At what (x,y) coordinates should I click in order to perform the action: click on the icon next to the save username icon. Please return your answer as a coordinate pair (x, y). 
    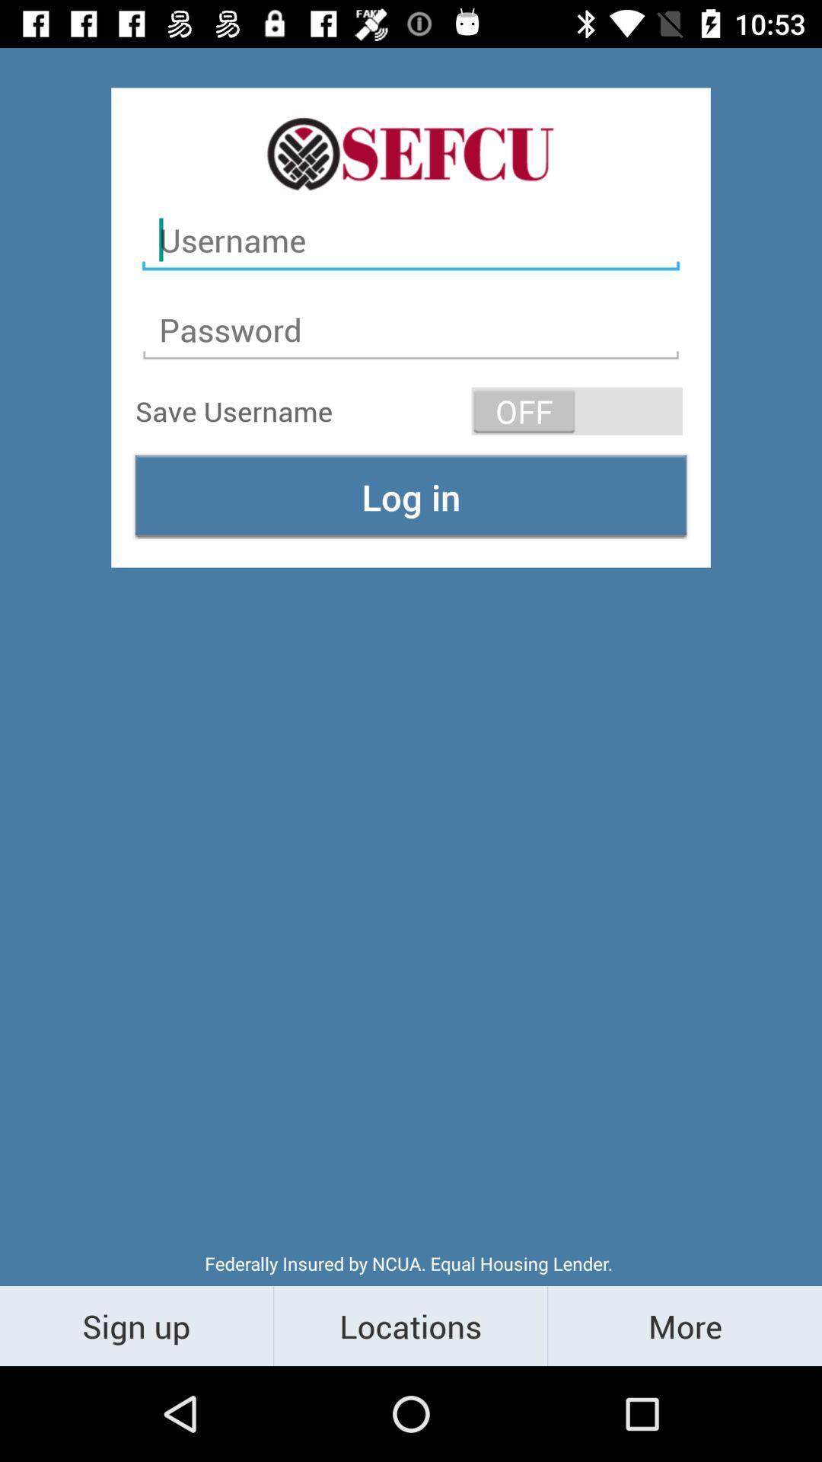
    Looking at the image, I should click on (577, 410).